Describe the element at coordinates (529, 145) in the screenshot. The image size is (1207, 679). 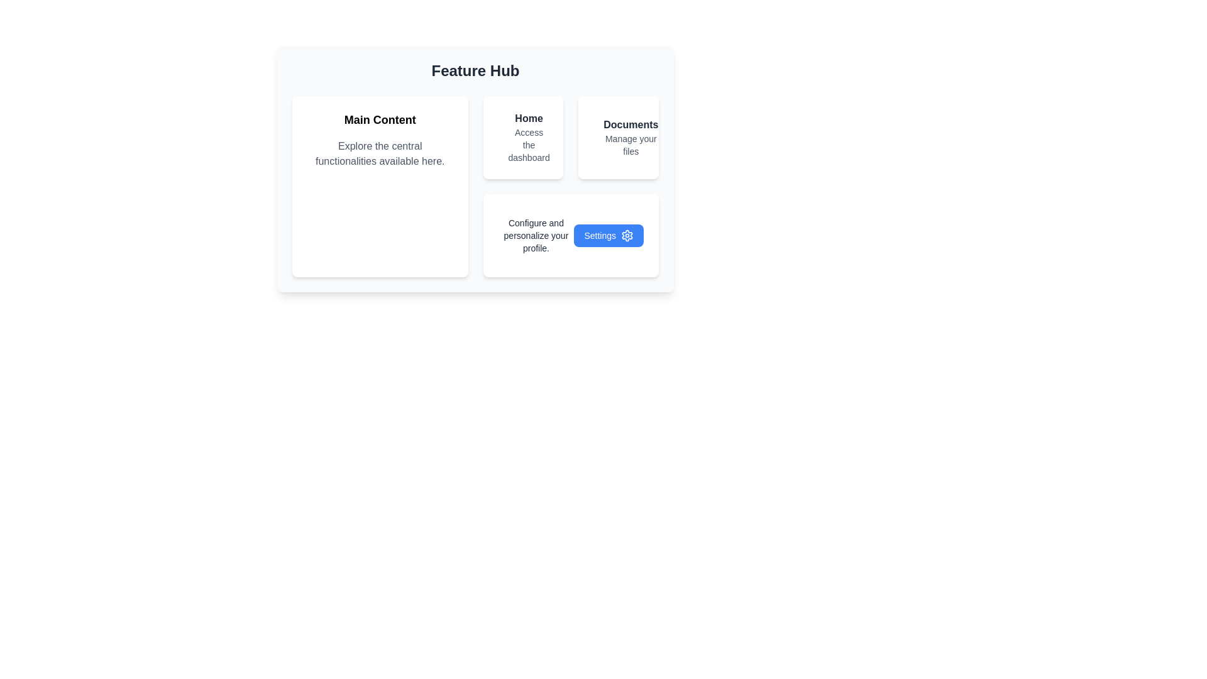
I see `the descriptive text label that provides additional context for the 'Home' module, positioned under the title text 'Home' within the rectangular card interface` at that location.